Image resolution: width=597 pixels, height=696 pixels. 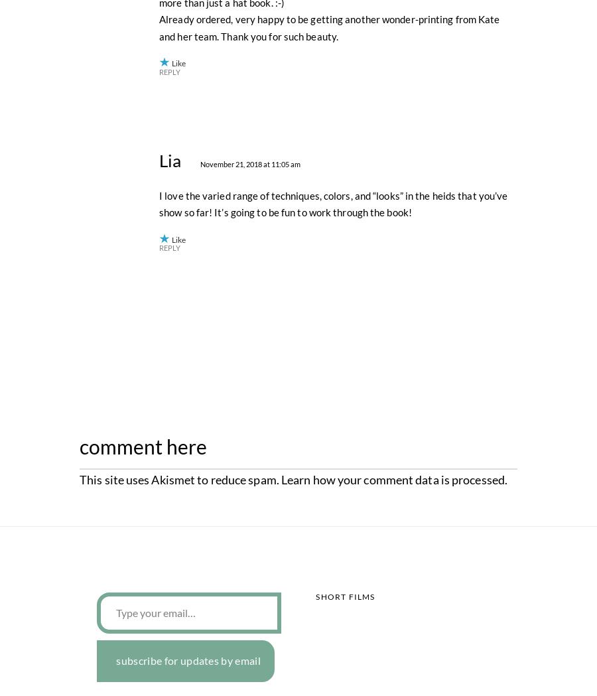 I want to click on 'Anna', so click(x=178, y=242).